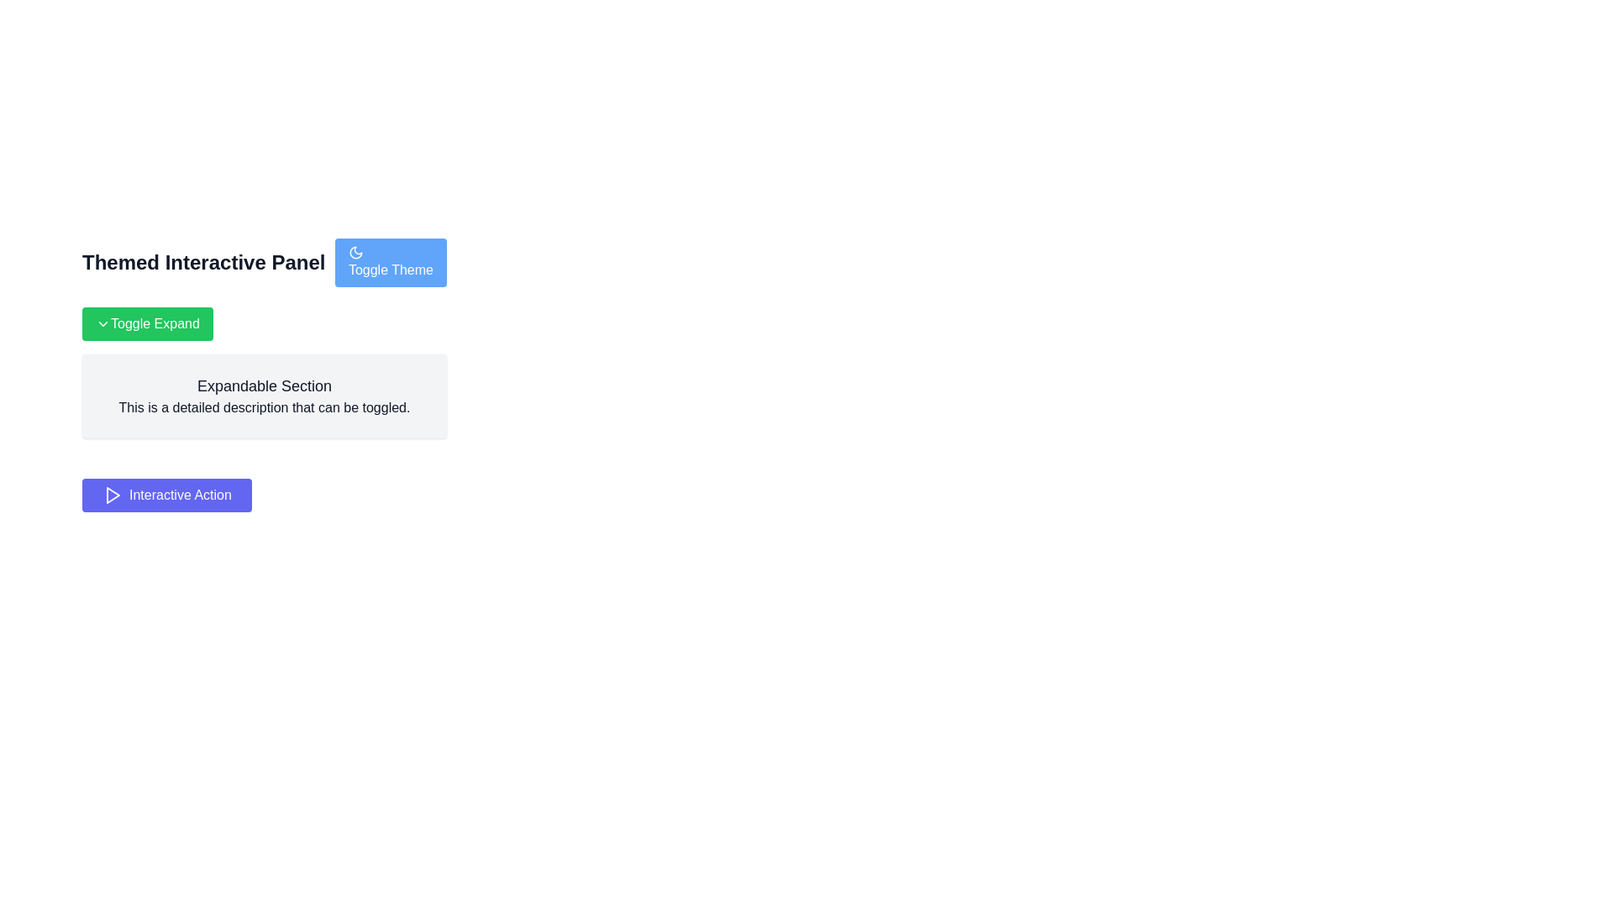 This screenshot has height=907, width=1613. What do you see at coordinates (264, 385) in the screenshot?
I see `the Text Label that serves as a heading for the expandable section, located within a gray box and below the green 'Toggle Expand' button` at bounding box center [264, 385].